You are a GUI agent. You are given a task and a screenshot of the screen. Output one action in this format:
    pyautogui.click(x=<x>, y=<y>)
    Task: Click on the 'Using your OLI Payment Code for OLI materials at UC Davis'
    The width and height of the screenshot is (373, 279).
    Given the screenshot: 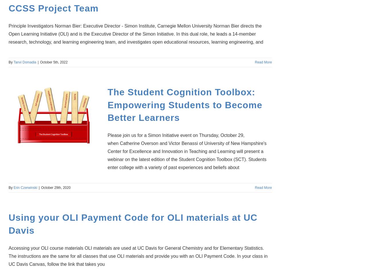 What is the action you would take?
    pyautogui.click(x=133, y=224)
    